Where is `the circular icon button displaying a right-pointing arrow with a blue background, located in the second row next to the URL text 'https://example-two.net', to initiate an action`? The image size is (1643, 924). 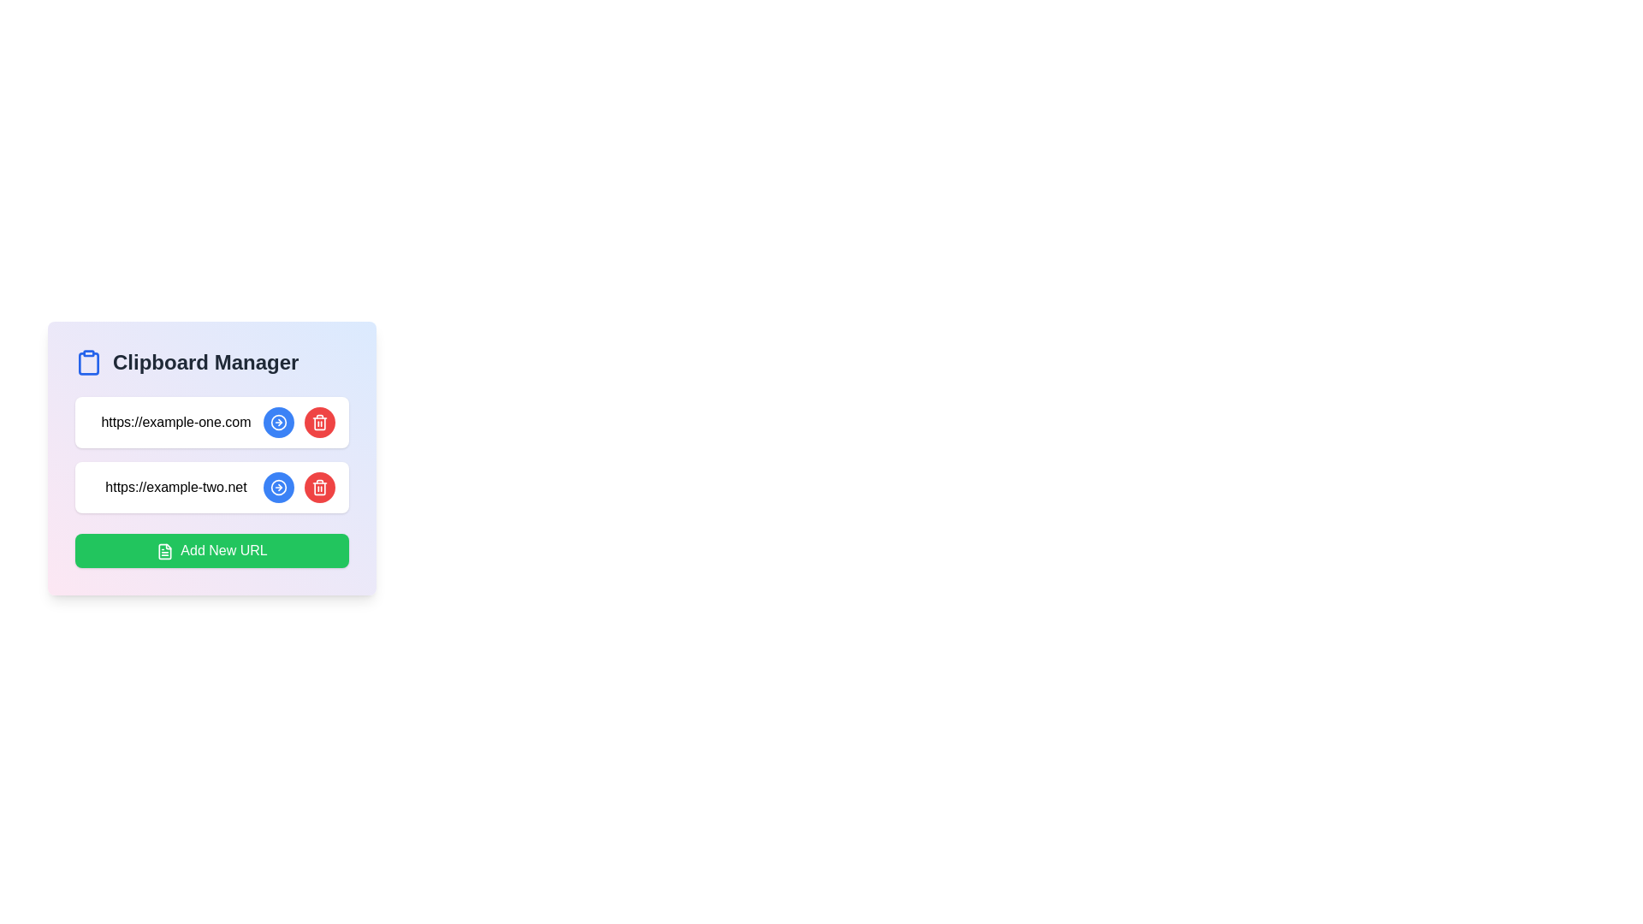 the circular icon button displaying a right-pointing arrow with a blue background, located in the second row next to the URL text 'https://example-two.net', to initiate an action is located at coordinates (279, 422).